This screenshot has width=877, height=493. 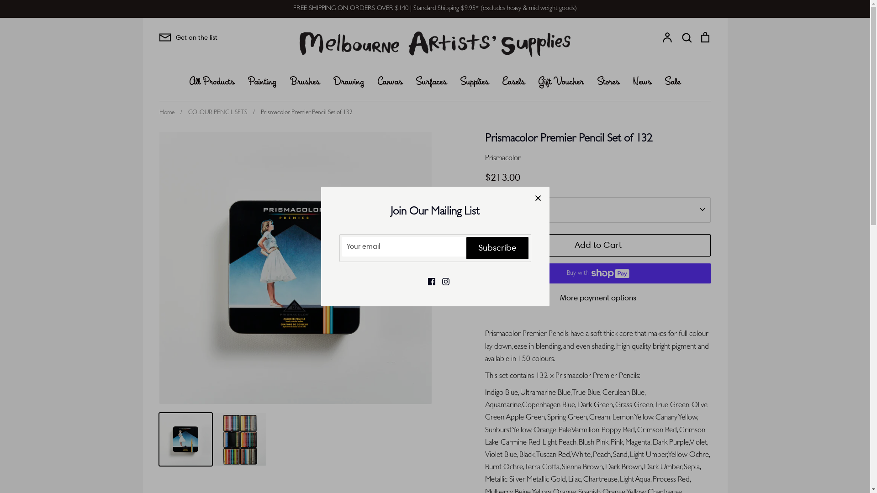 What do you see at coordinates (460, 82) in the screenshot?
I see `'Supplies'` at bounding box center [460, 82].